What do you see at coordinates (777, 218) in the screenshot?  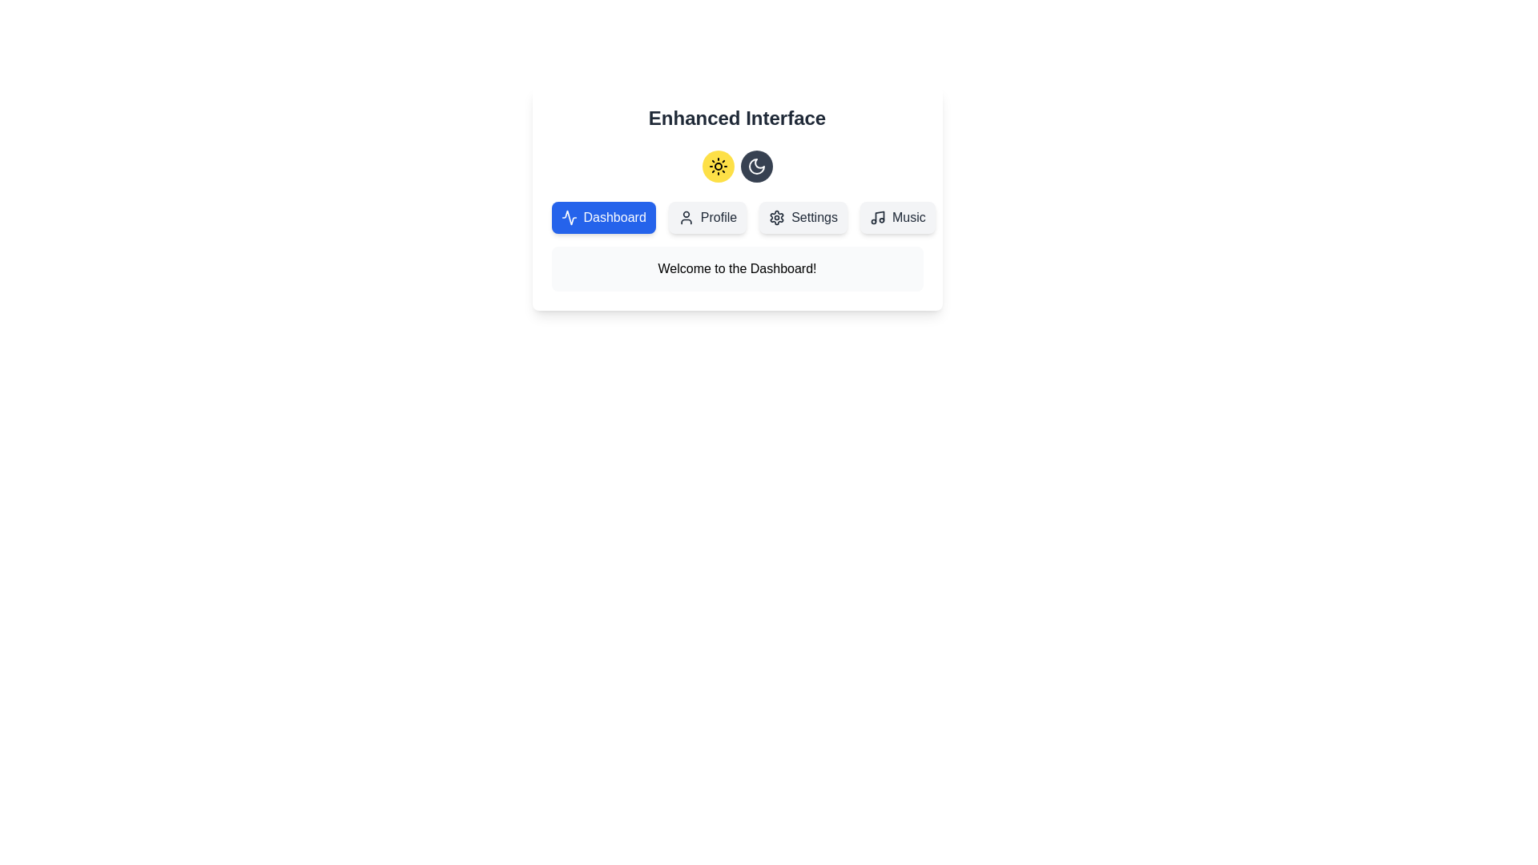 I see `the gear-shaped settings icon located between the 'Profile' icon and the 'Music' icon in the top navigation bar` at bounding box center [777, 218].